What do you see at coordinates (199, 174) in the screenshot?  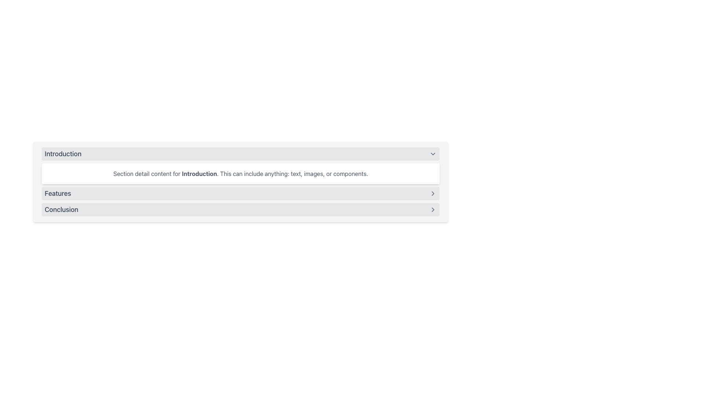 I see `the contextual text indicating the highlighted subtopic within the 'Introduction' section, located below the 'Introduction' header and above the 'Features' and 'Conclusion' sections` at bounding box center [199, 174].